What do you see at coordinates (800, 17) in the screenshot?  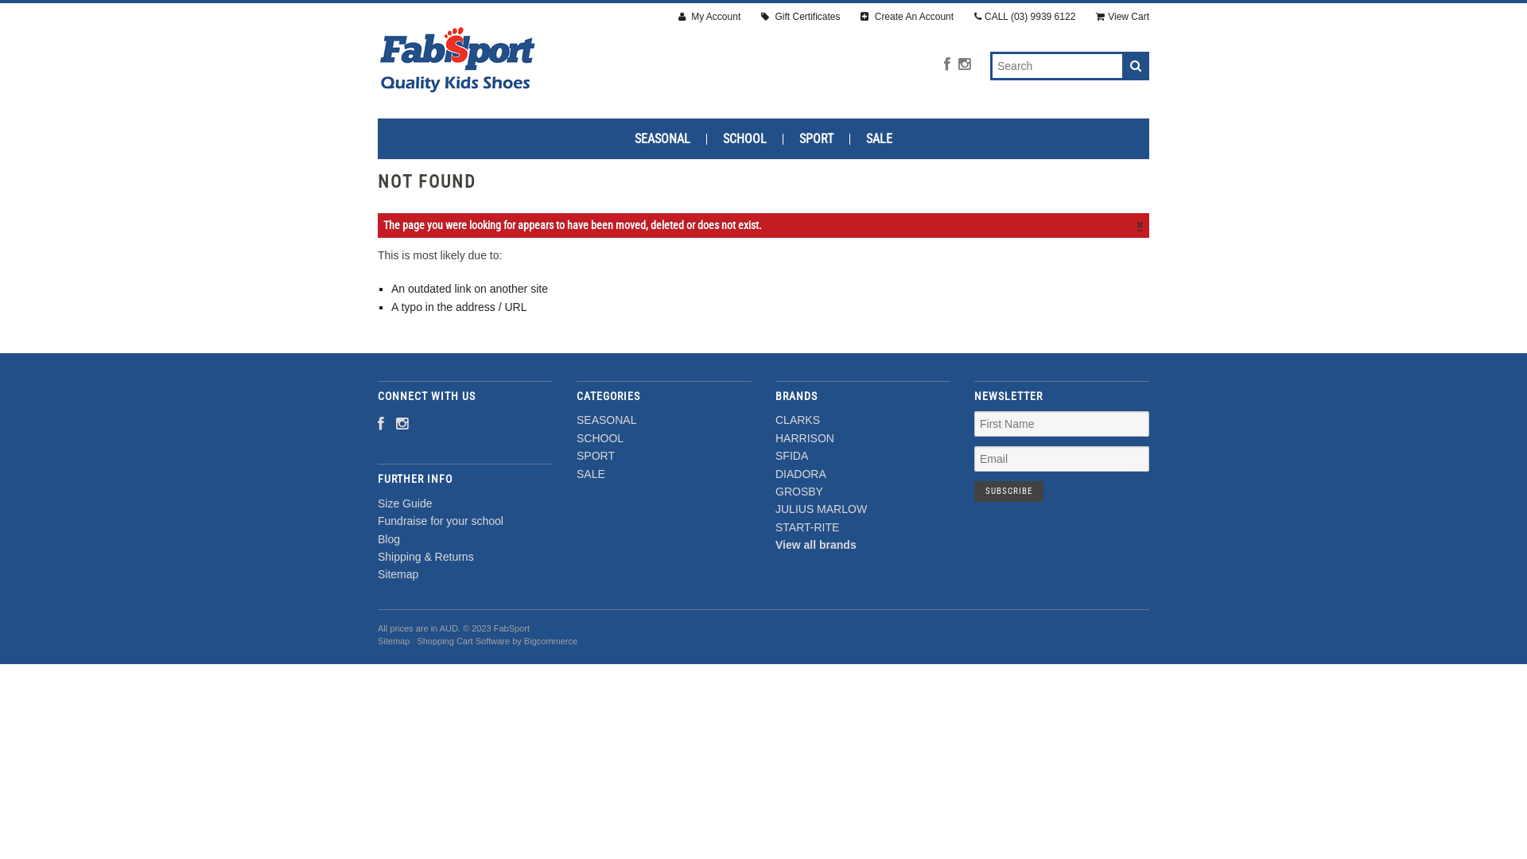 I see `'Gift Certificates'` at bounding box center [800, 17].